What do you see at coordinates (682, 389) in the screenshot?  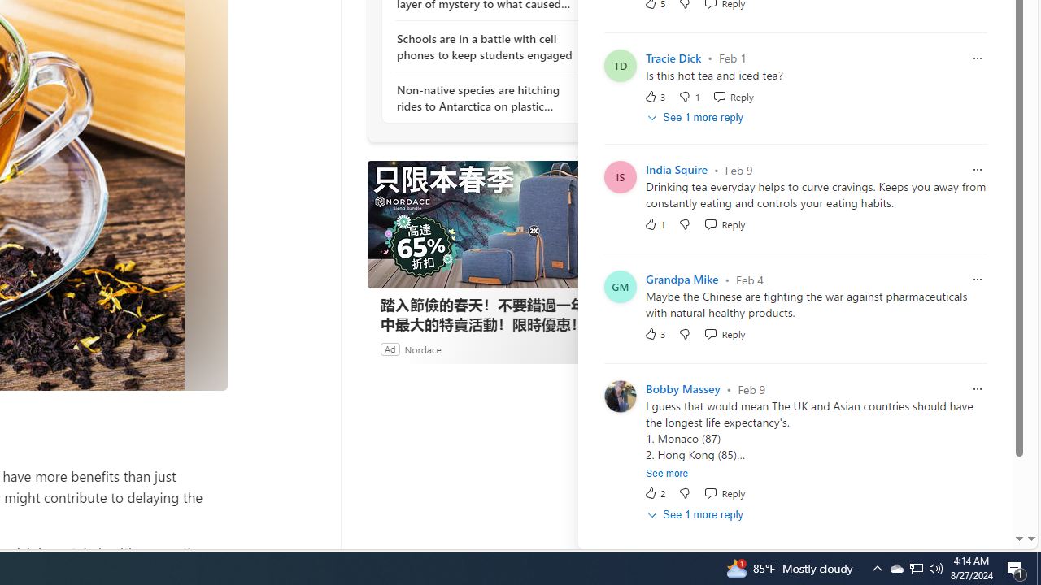 I see `'Bobby Massey'` at bounding box center [682, 389].